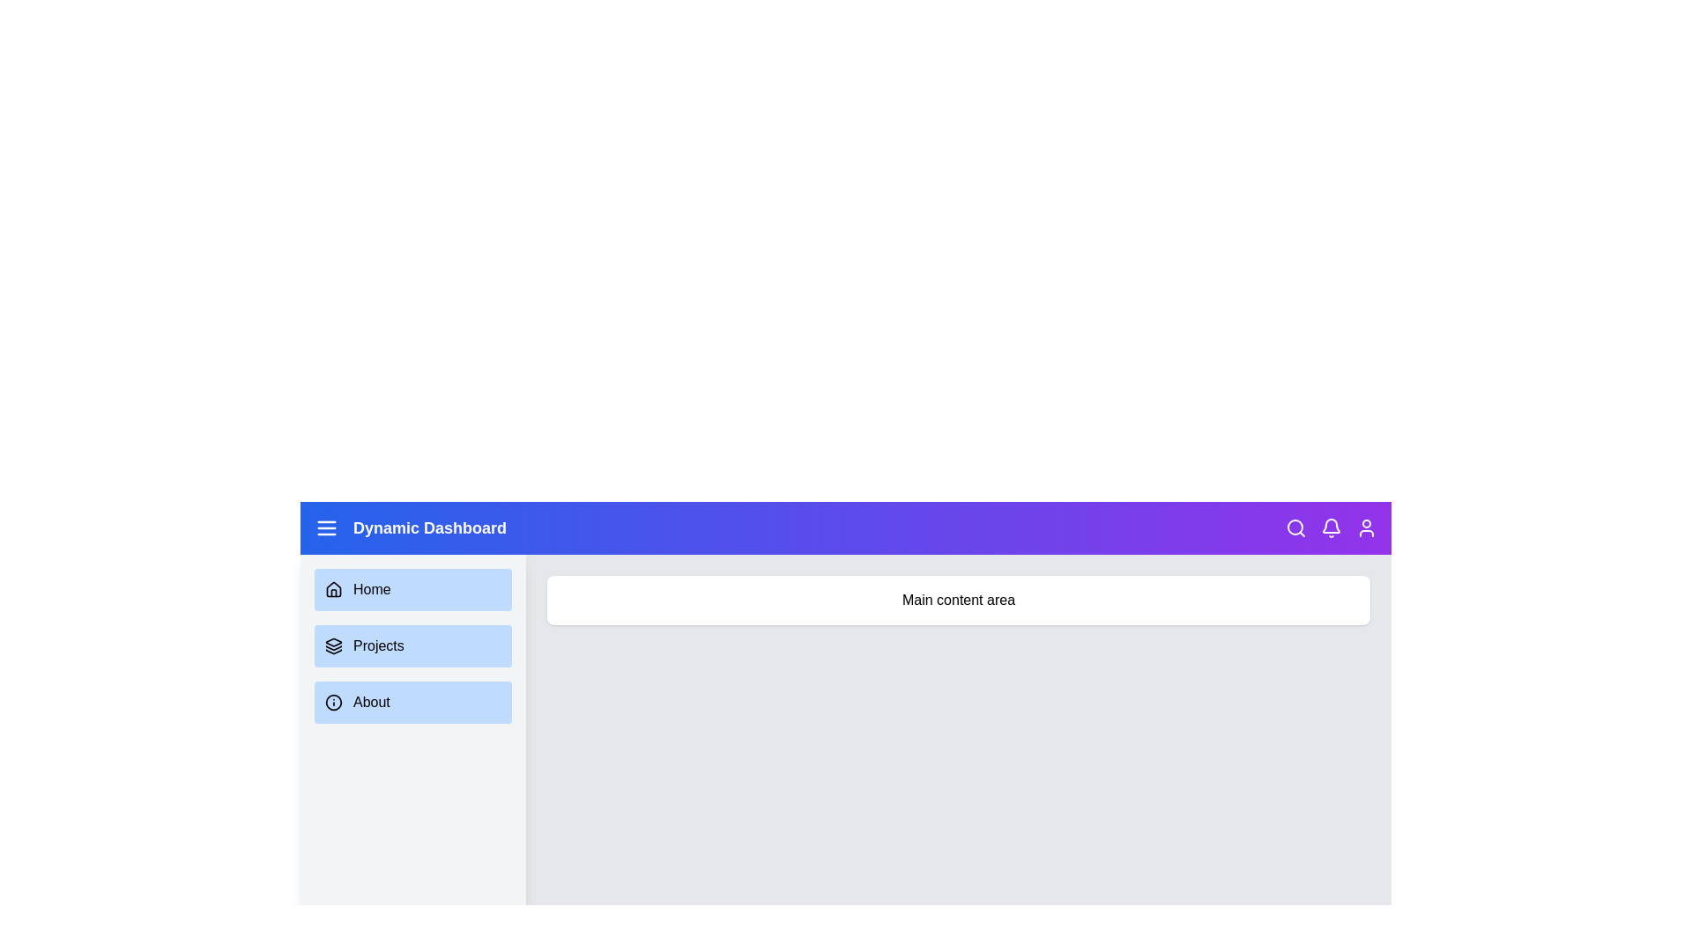 The image size is (1692, 951). Describe the element at coordinates (326, 527) in the screenshot. I see `the menu icon to toggle the sidebar visibility` at that location.